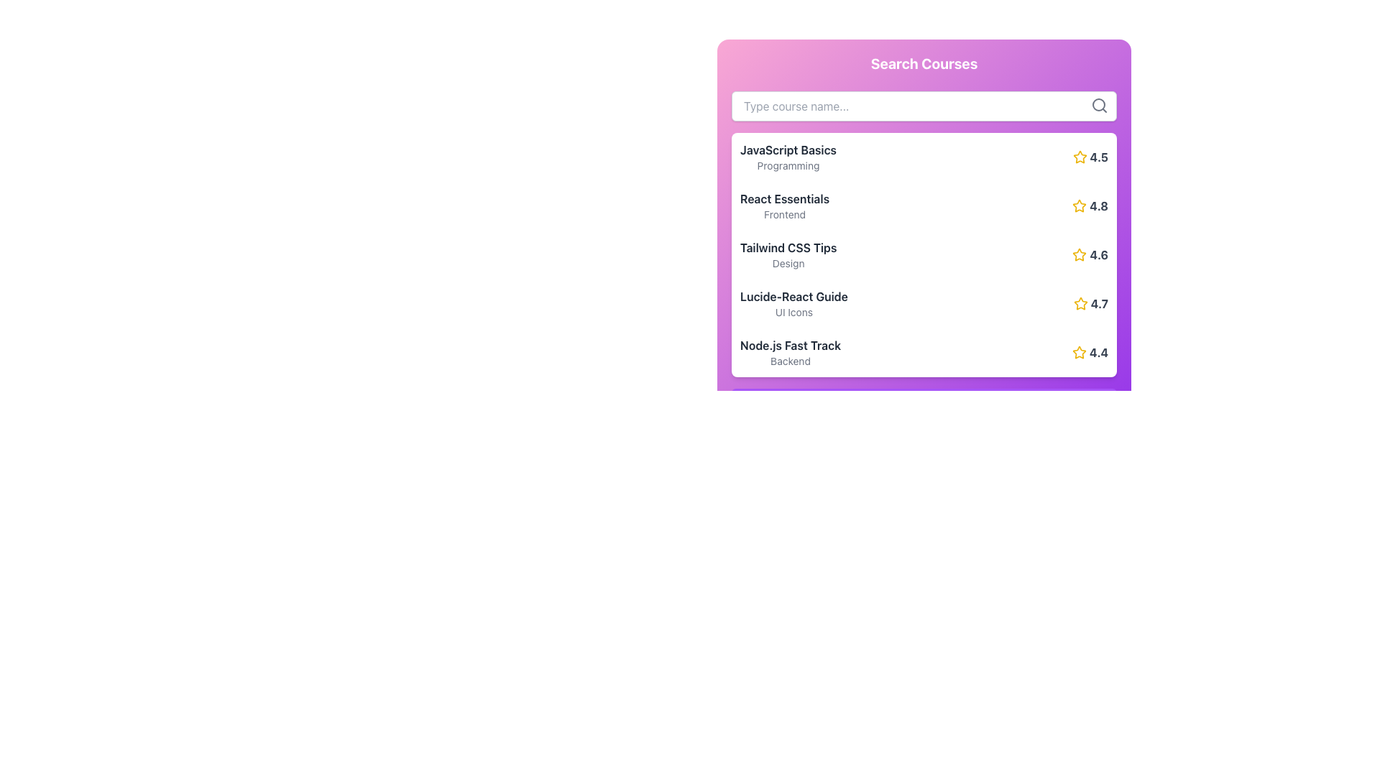 Image resolution: width=1380 pixels, height=776 pixels. Describe the element at coordinates (1080, 303) in the screenshot. I see `the yellow star icon indicating a rating of 4.7 for the 'Lucide-React Guide' item in the fourth row of the purple card` at that location.